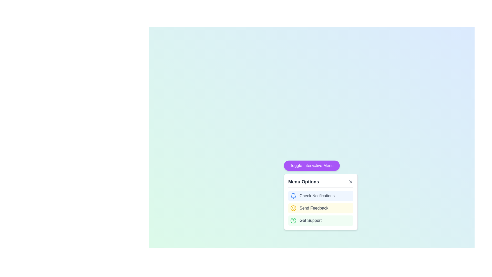 The width and height of the screenshot is (492, 277). I want to click on the Decorative icon (smiling face emoji) located in the second row of the menu options, which is the leftmost graphical component of the 'Send Feedback' option, so click(293, 208).